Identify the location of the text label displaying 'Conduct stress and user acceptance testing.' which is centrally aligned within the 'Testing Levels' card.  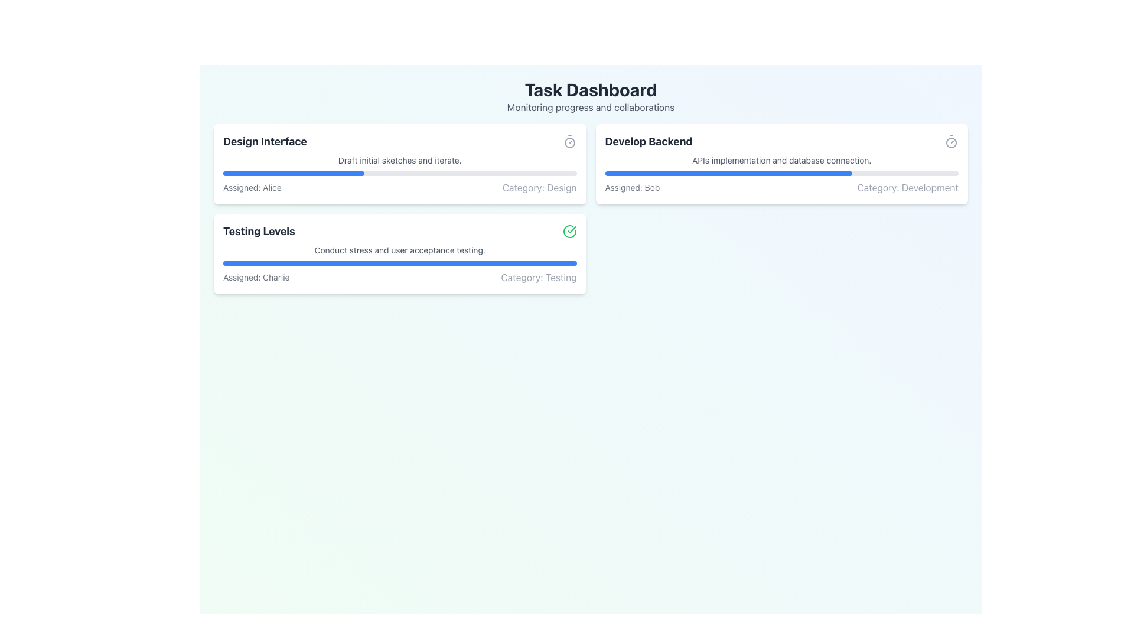
(400, 250).